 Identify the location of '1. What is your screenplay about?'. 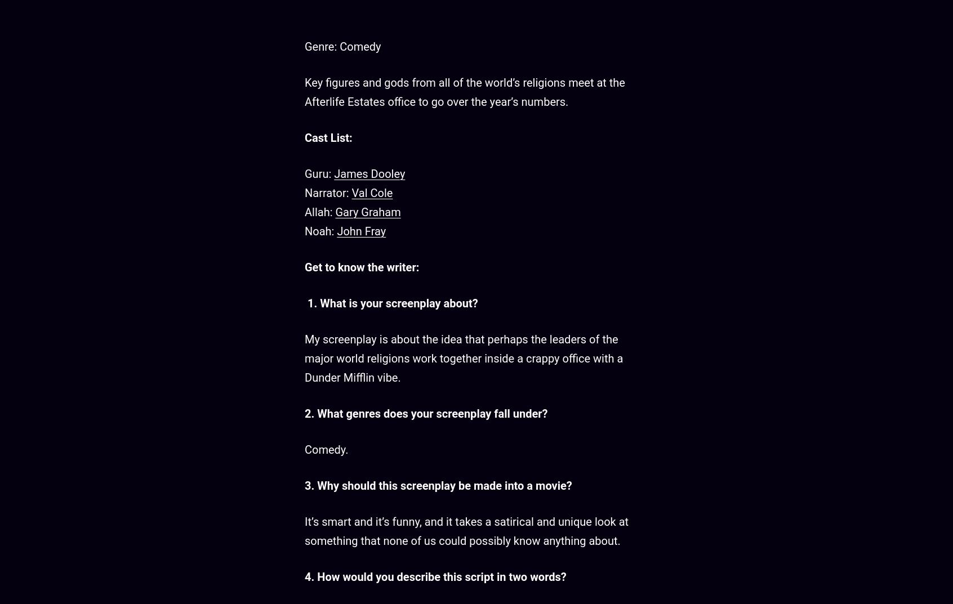
(391, 303).